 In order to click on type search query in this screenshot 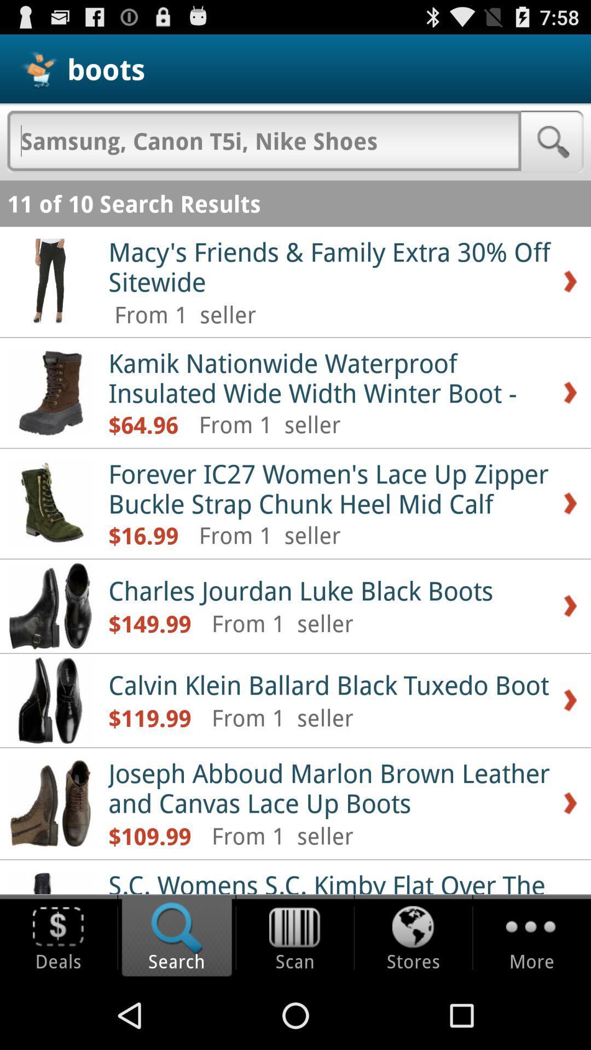, I will do `click(264, 140)`.